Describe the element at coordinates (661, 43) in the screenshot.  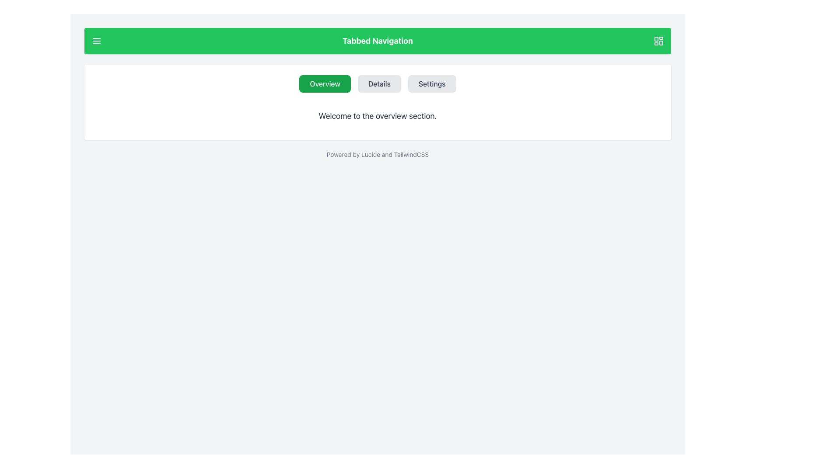
I see `the second rectangular SVG icon located in the second row and second column of the grid within the green navigation bar` at that location.